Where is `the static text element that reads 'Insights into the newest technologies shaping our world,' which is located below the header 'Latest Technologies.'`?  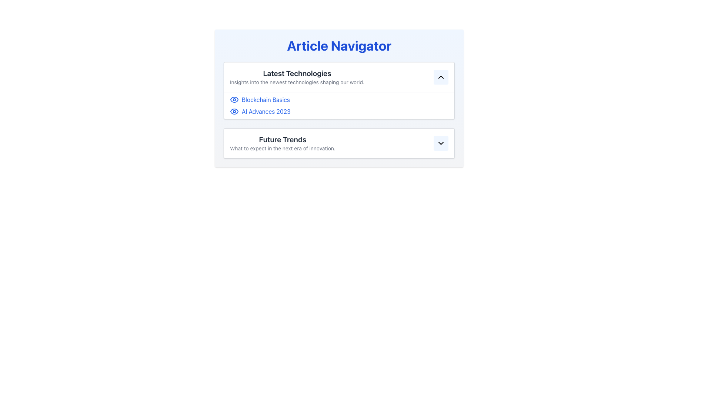 the static text element that reads 'Insights into the newest technologies shaping our world,' which is located below the header 'Latest Technologies.' is located at coordinates (297, 82).